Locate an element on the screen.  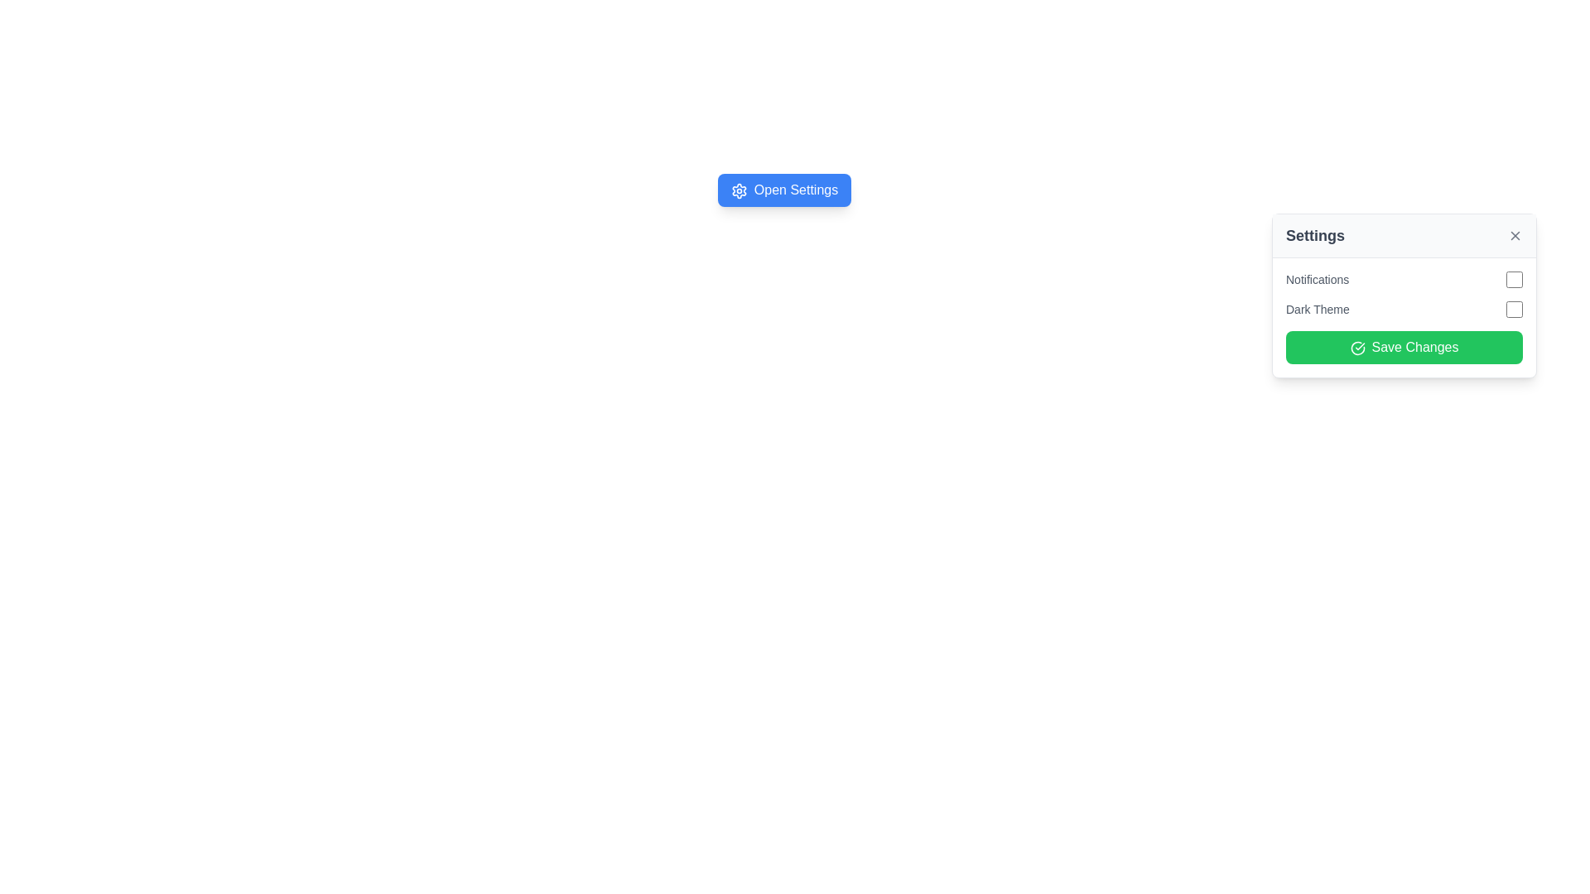
the cogwheel or gear icon located to the left of the 'Open Settings' text within the 'Open Settings' button is located at coordinates (738, 190).